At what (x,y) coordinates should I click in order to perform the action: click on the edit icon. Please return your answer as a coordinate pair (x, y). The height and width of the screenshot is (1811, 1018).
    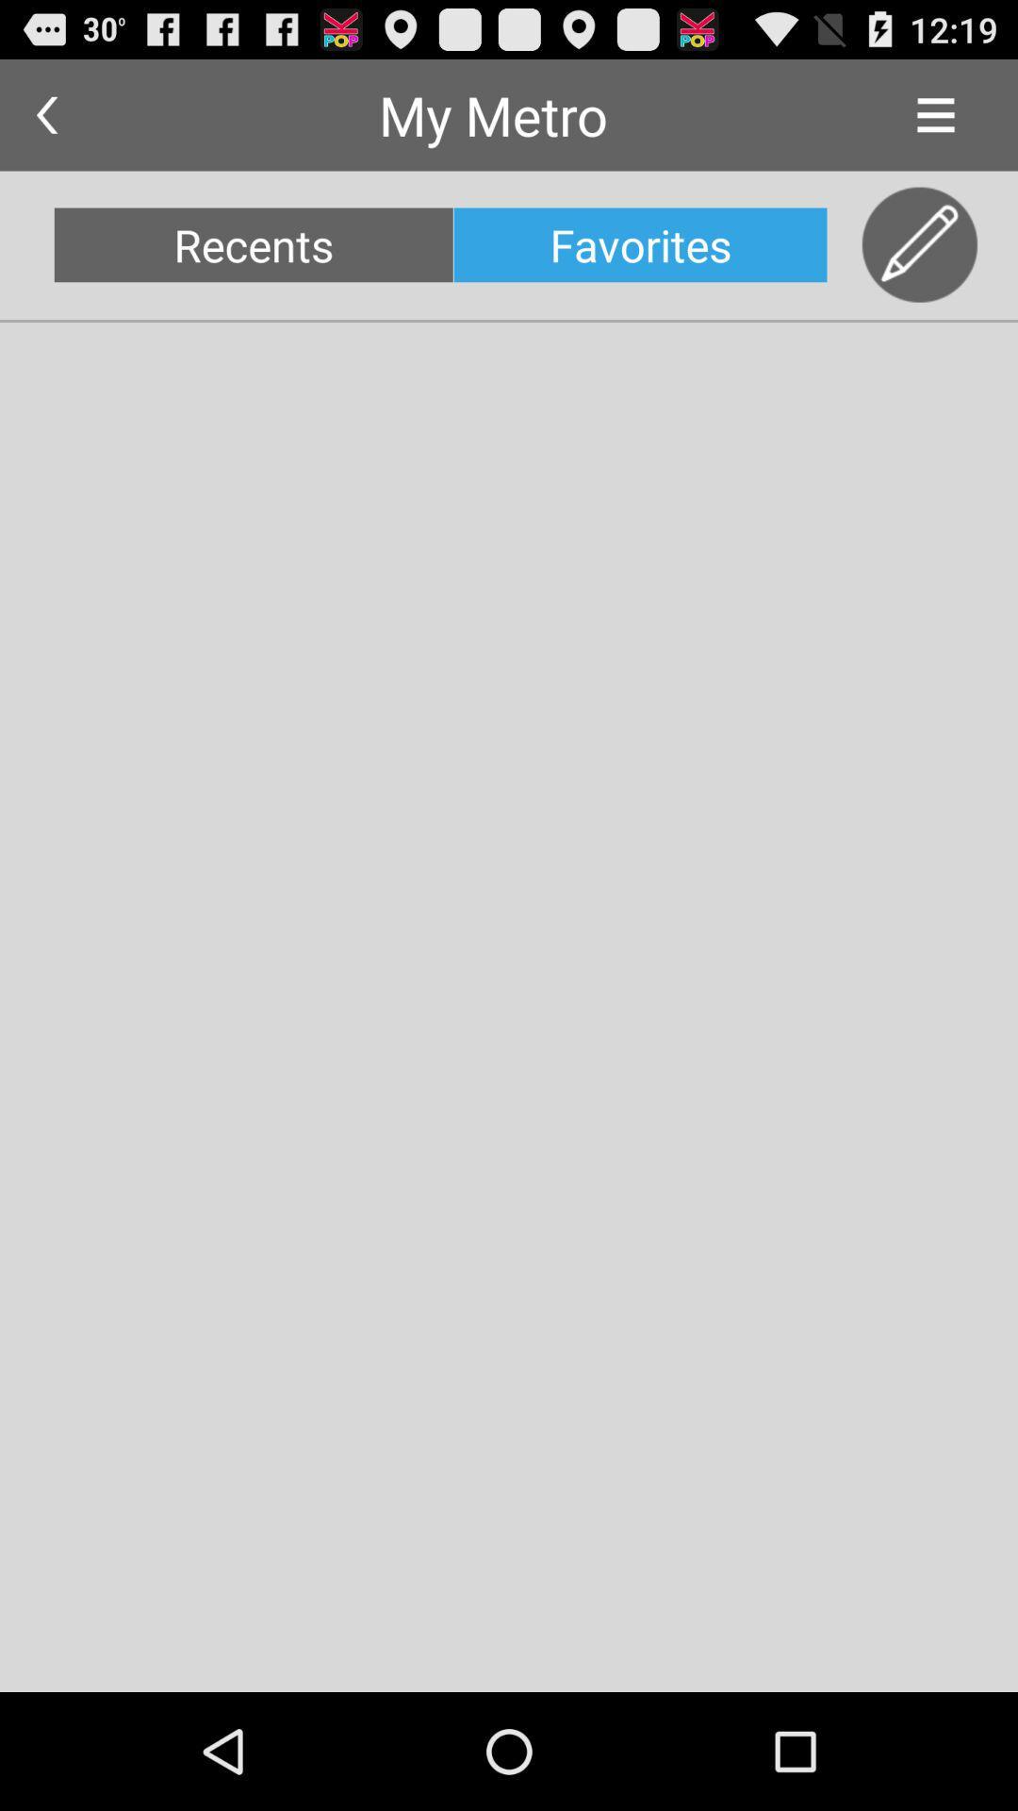
    Looking at the image, I should click on (919, 261).